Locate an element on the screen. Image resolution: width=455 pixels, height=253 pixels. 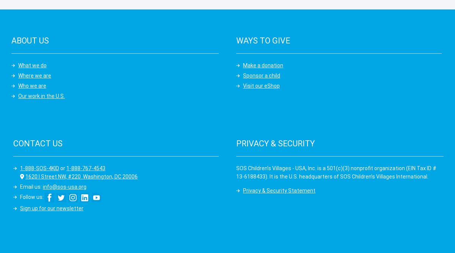
'Where we are' is located at coordinates (35, 75).